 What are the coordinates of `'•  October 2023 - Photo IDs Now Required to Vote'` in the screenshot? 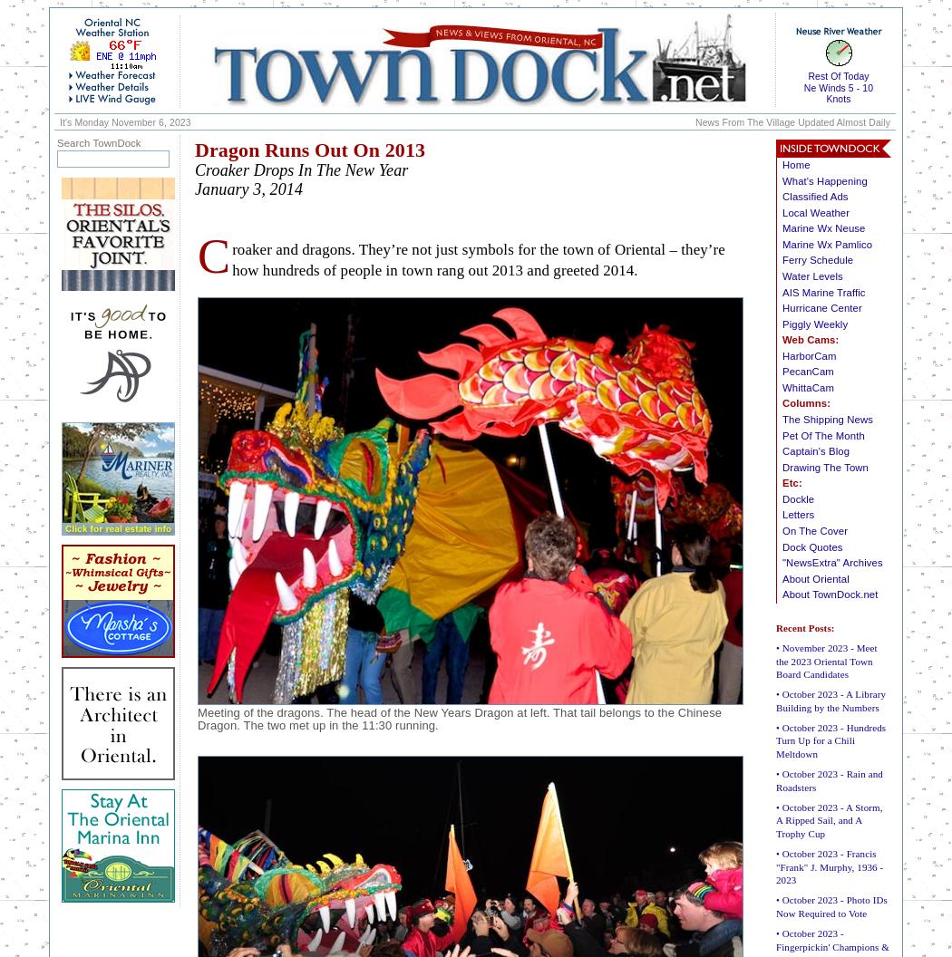 It's located at (831, 905).